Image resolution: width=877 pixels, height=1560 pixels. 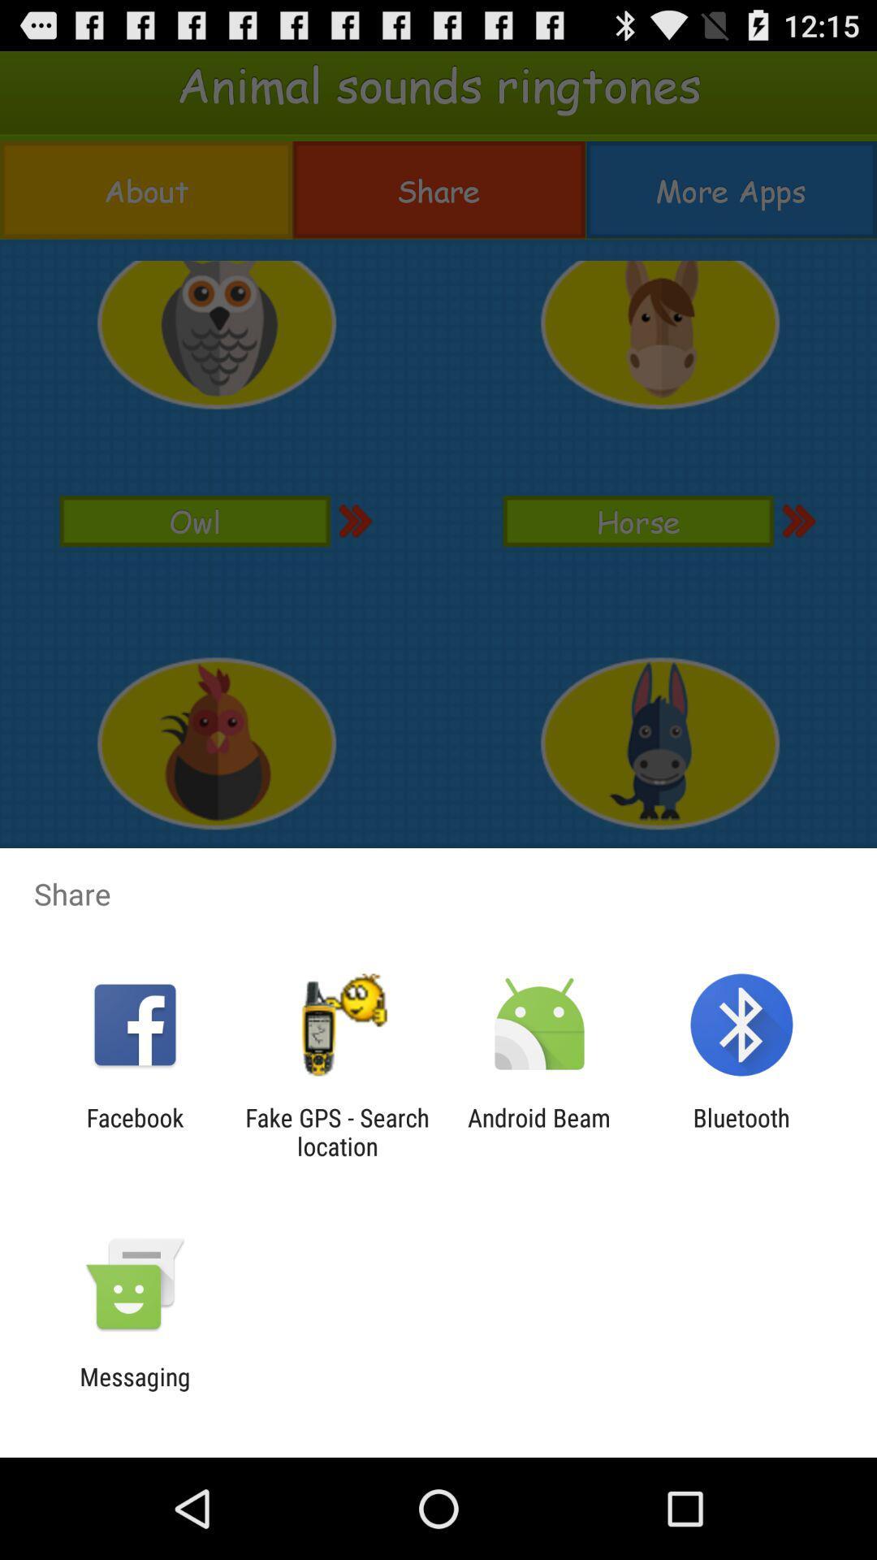 What do you see at coordinates (336, 1131) in the screenshot?
I see `app next to android beam app` at bounding box center [336, 1131].